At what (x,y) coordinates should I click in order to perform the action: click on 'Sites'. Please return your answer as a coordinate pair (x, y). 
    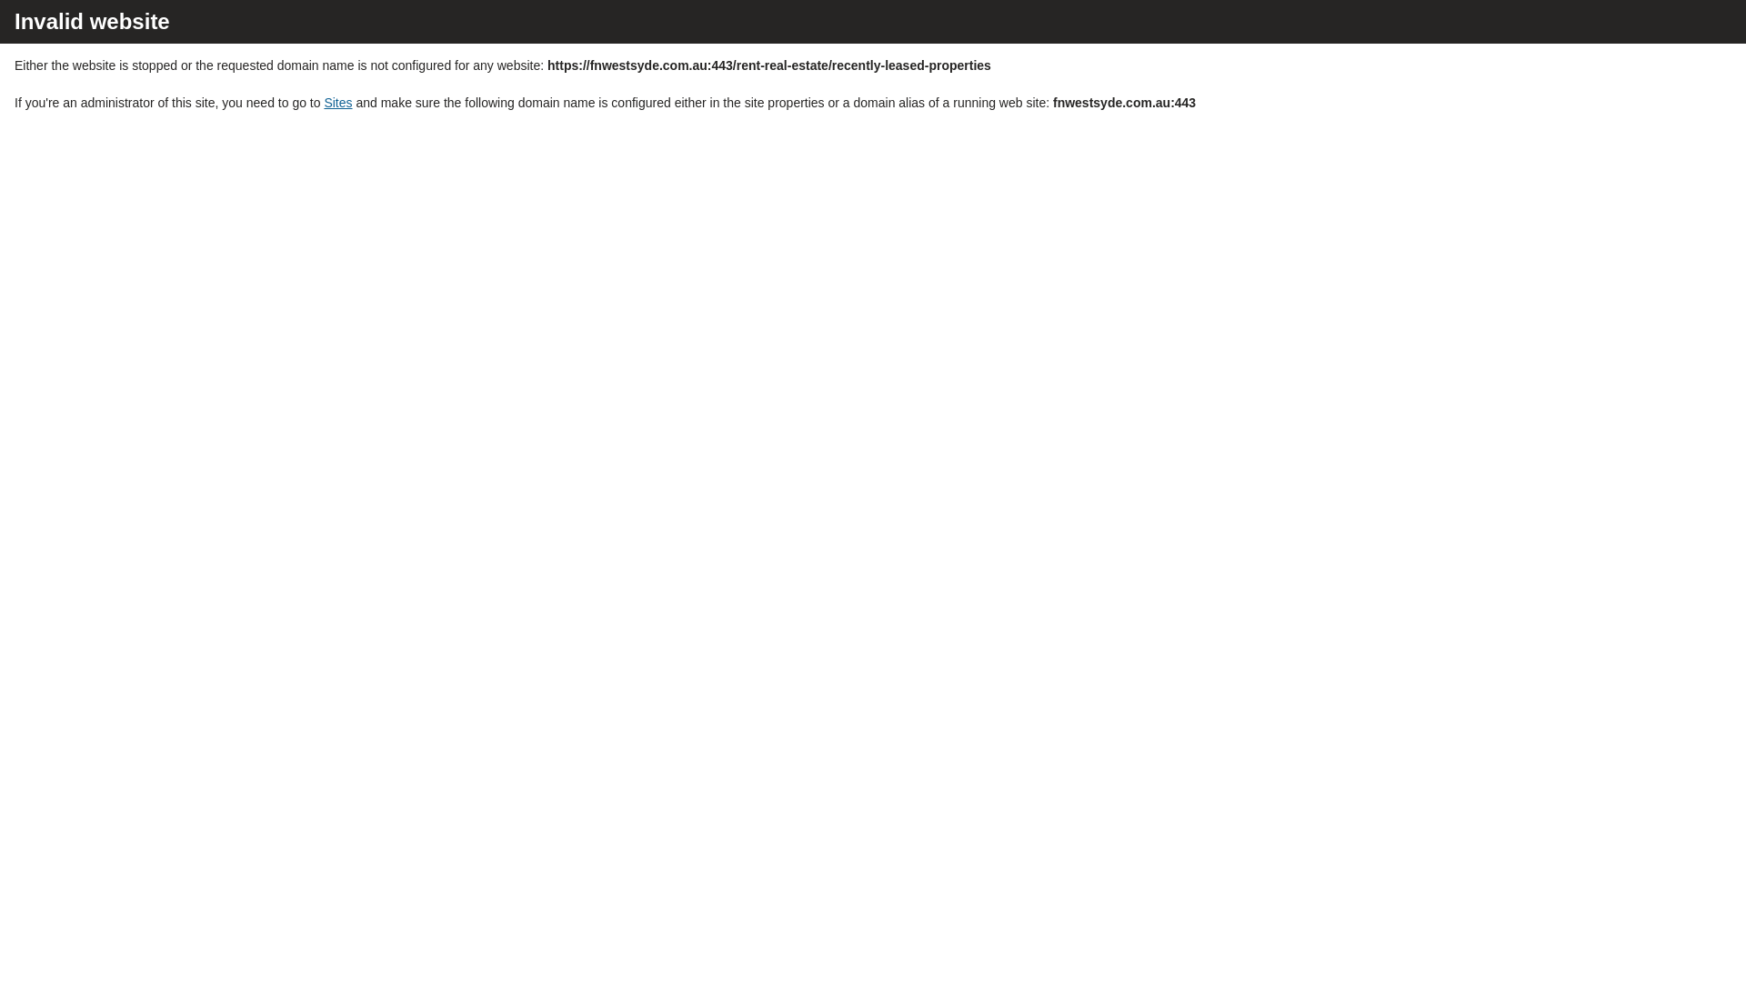
    Looking at the image, I should click on (323, 102).